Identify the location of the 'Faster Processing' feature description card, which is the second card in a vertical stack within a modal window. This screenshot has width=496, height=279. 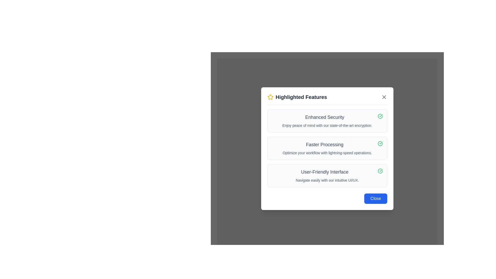
(327, 148).